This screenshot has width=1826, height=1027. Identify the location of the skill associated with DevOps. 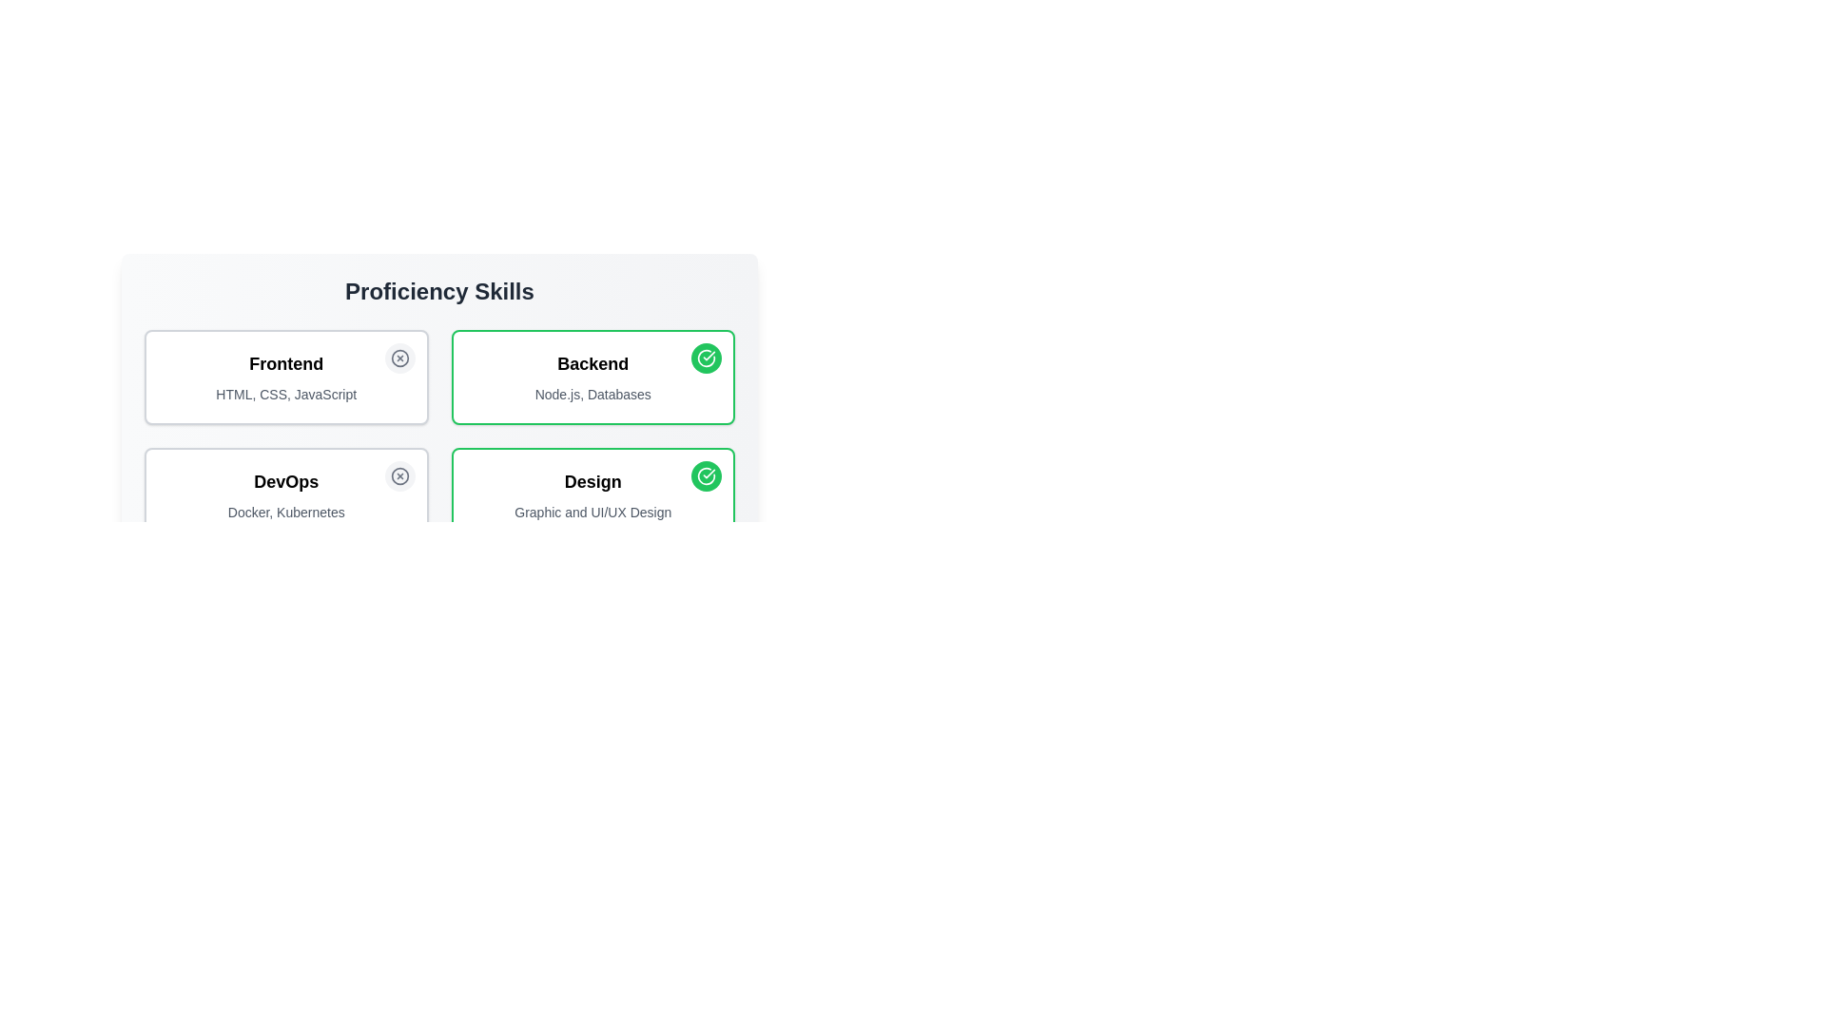
(398, 475).